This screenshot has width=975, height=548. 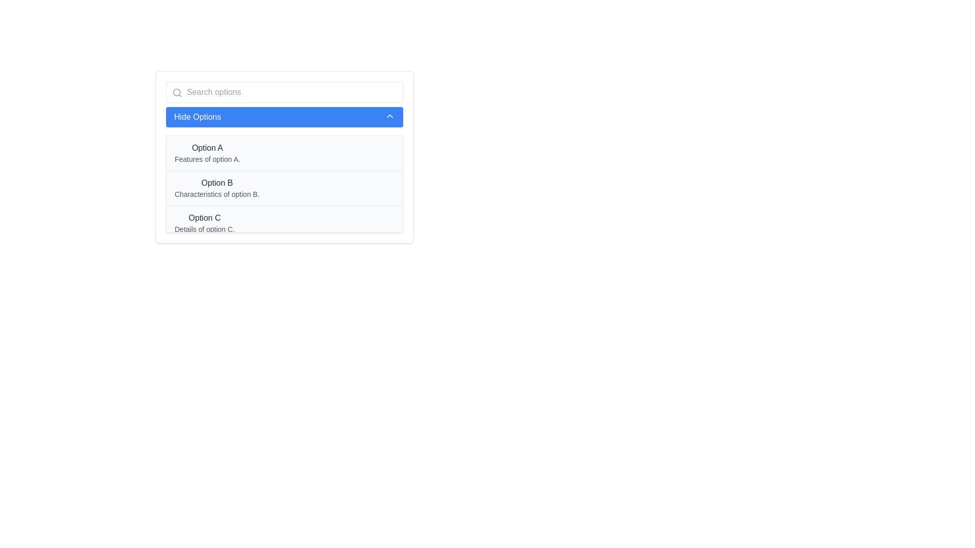 I want to click on the decorative circle component of the magnifying glass icon located in the top-left corner of the popup element, so click(x=177, y=92).